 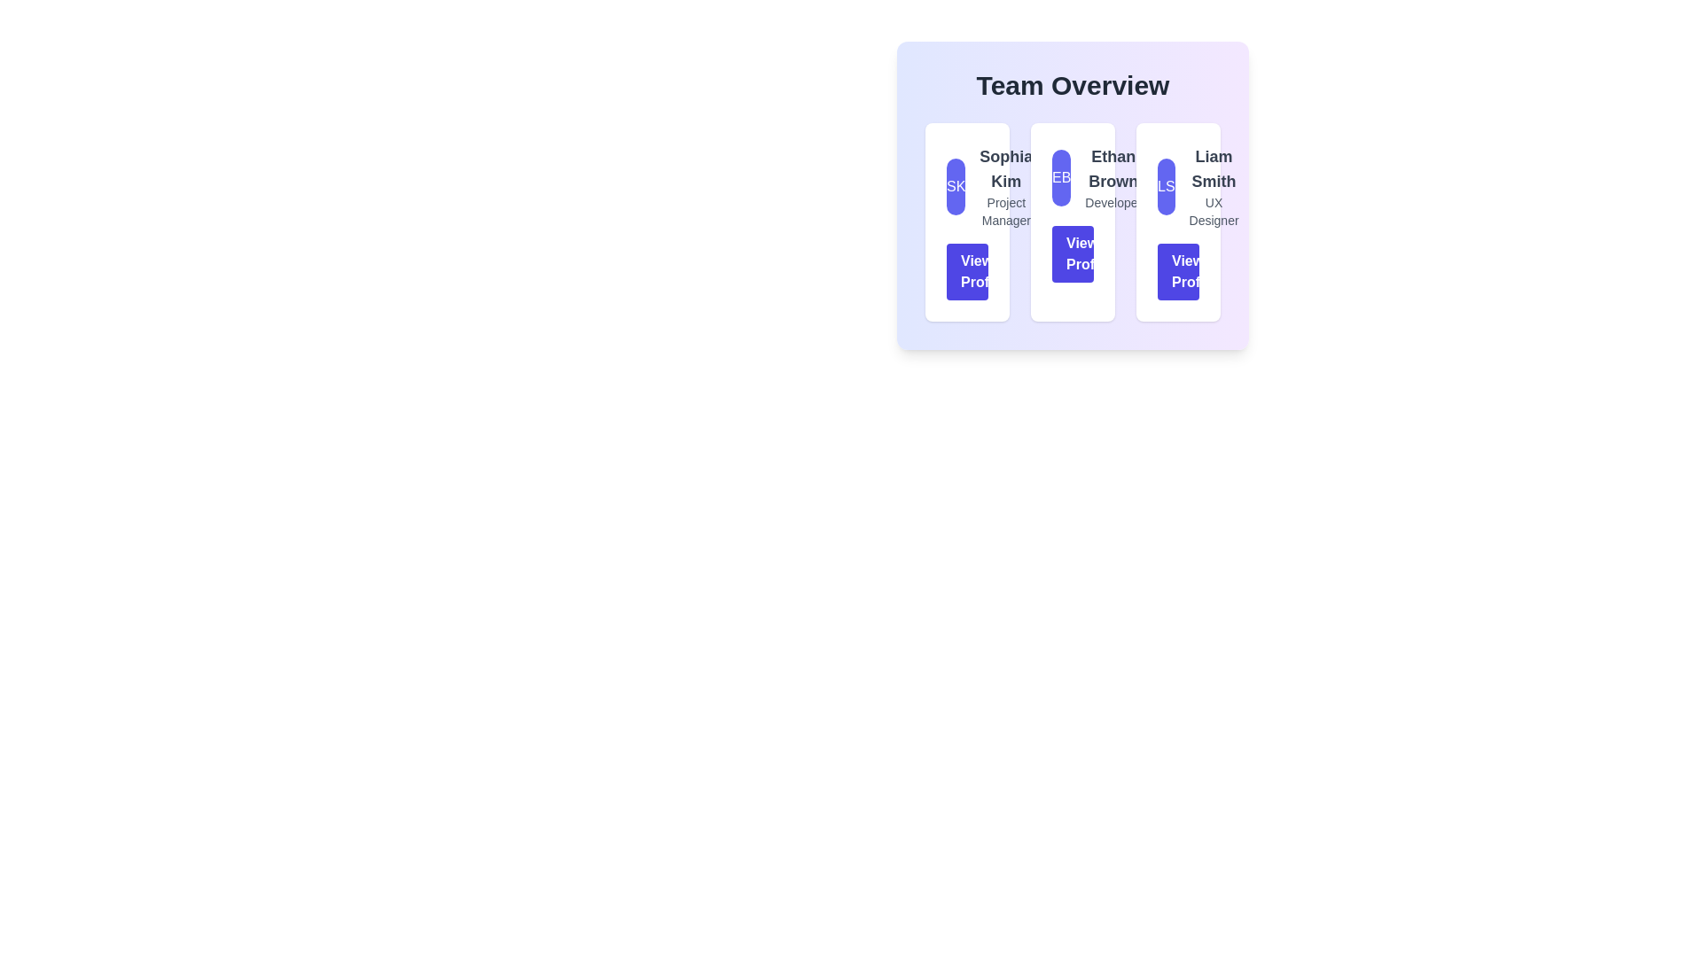 What do you see at coordinates (1213, 187) in the screenshot?
I see `the Text Display element that identifies the person with their name and job title, located in the third profile card from the left, below the avatar logo with initials 'LS' and above the 'View Profile' button` at bounding box center [1213, 187].